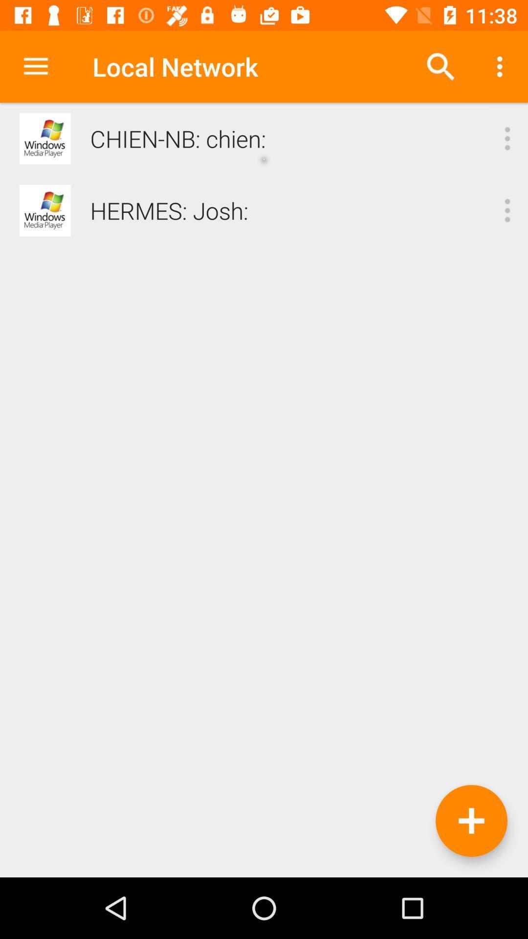 The width and height of the screenshot is (528, 939). I want to click on more options, so click(506, 210).